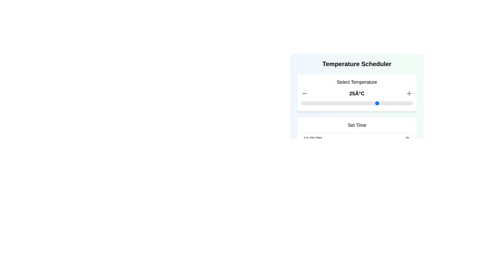  What do you see at coordinates (312, 103) in the screenshot?
I see `the temperature slider` at bounding box center [312, 103].